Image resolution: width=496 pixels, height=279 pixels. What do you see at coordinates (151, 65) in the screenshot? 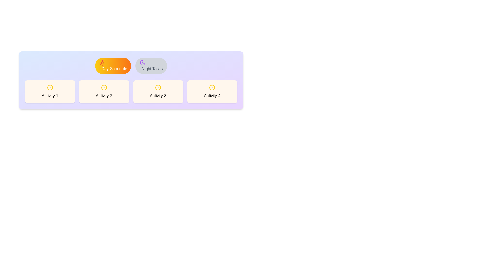
I see `the tab labeled Night Tasks` at bounding box center [151, 65].